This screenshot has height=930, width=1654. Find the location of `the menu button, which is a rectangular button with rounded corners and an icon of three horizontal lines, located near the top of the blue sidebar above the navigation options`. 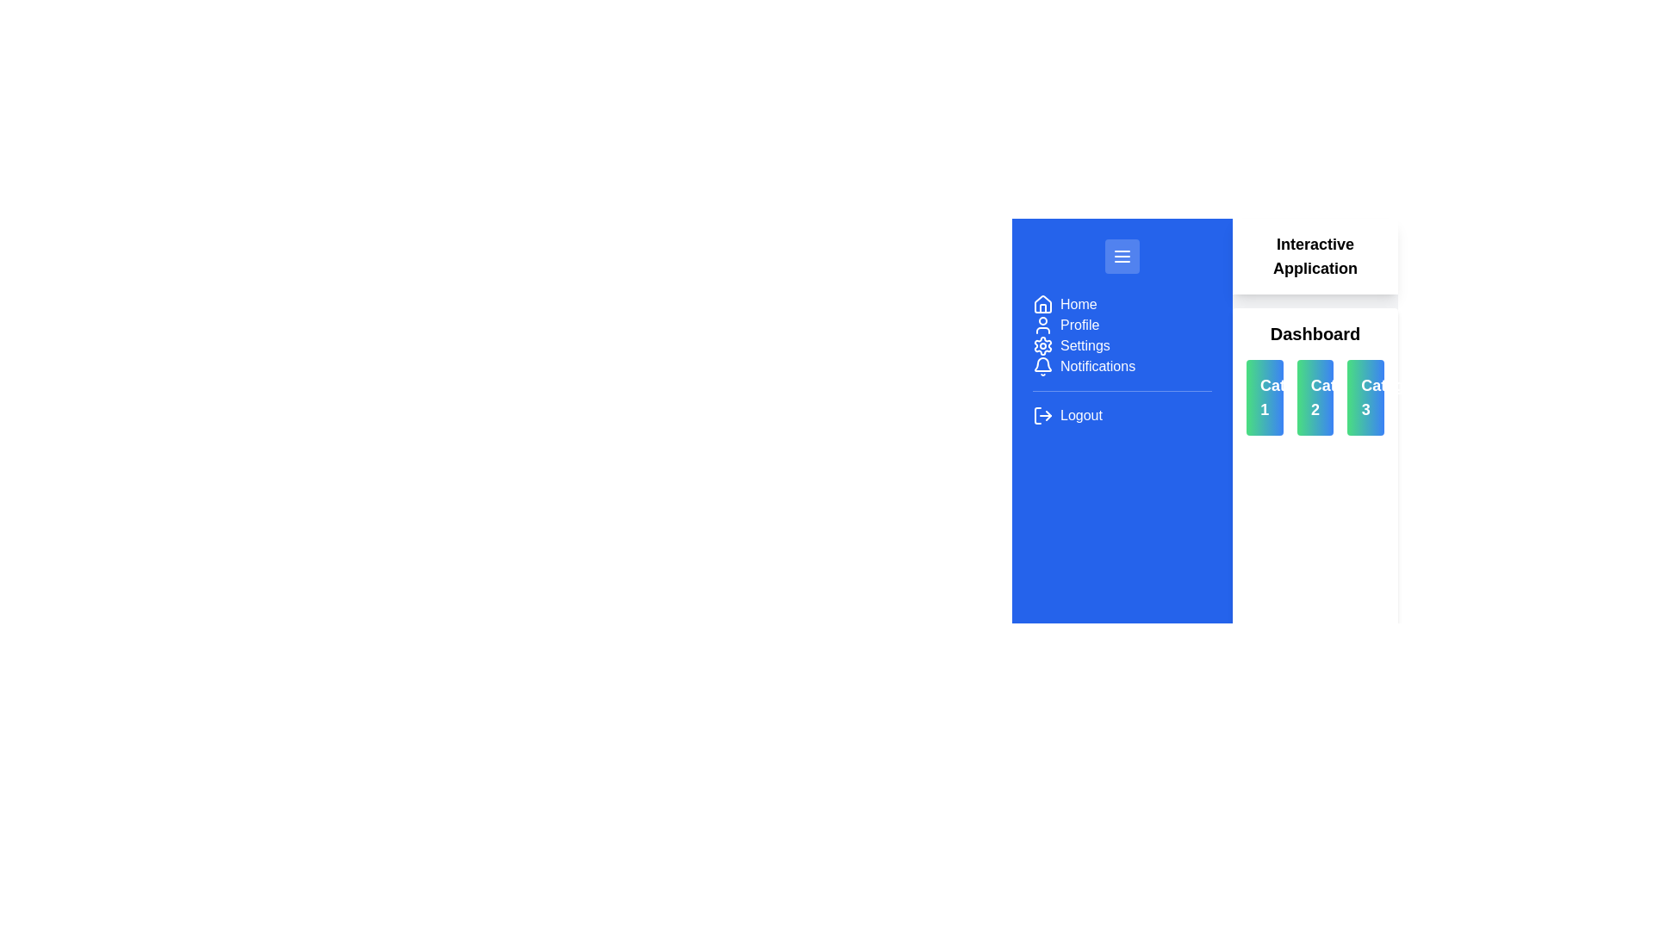

the menu button, which is a rectangular button with rounded corners and an icon of three horizontal lines, located near the top of the blue sidebar above the navigation options is located at coordinates (1122, 256).